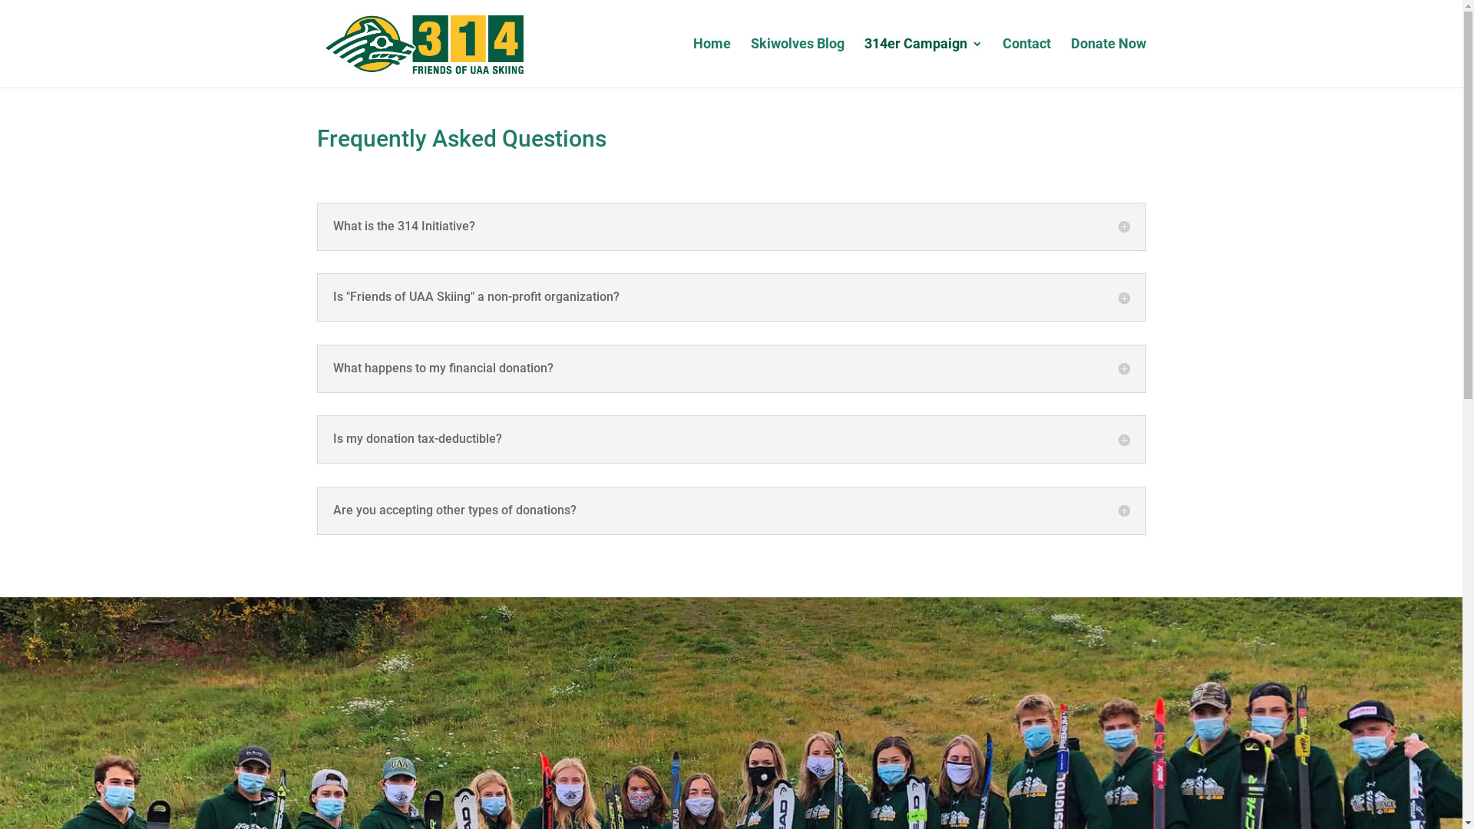 The height and width of the screenshot is (829, 1474). Describe the element at coordinates (797, 61) in the screenshot. I see `'Skiwolves Blog'` at that location.